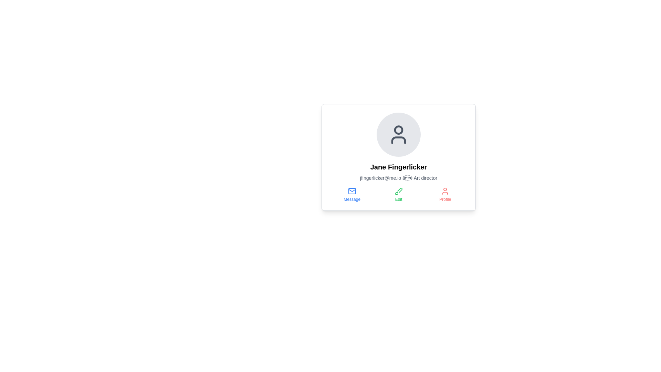  Describe the element at coordinates (445, 191) in the screenshot. I see `the red user icon located in the bottom-right section of the card layout, above the 'Profile' label, to interact with the profile feature` at that location.